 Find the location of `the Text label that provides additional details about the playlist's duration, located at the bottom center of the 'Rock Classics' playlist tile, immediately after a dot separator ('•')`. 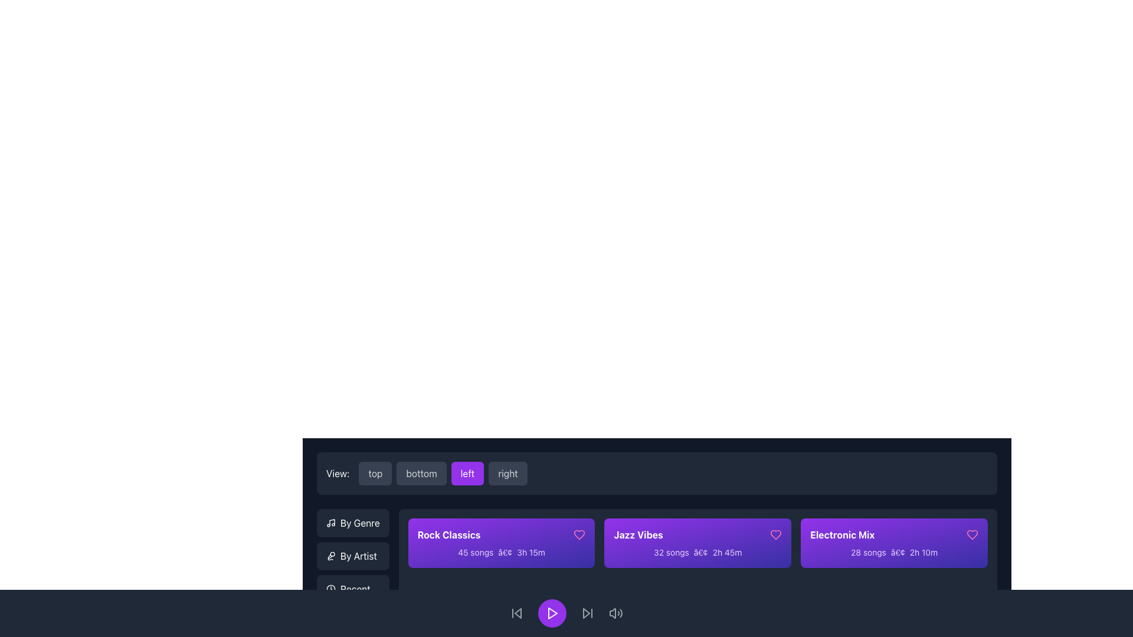

the Text label that provides additional details about the playlist's duration, located at the bottom center of the 'Rock Classics' playlist tile, immediately after a dot separator ('•') is located at coordinates (531, 552).